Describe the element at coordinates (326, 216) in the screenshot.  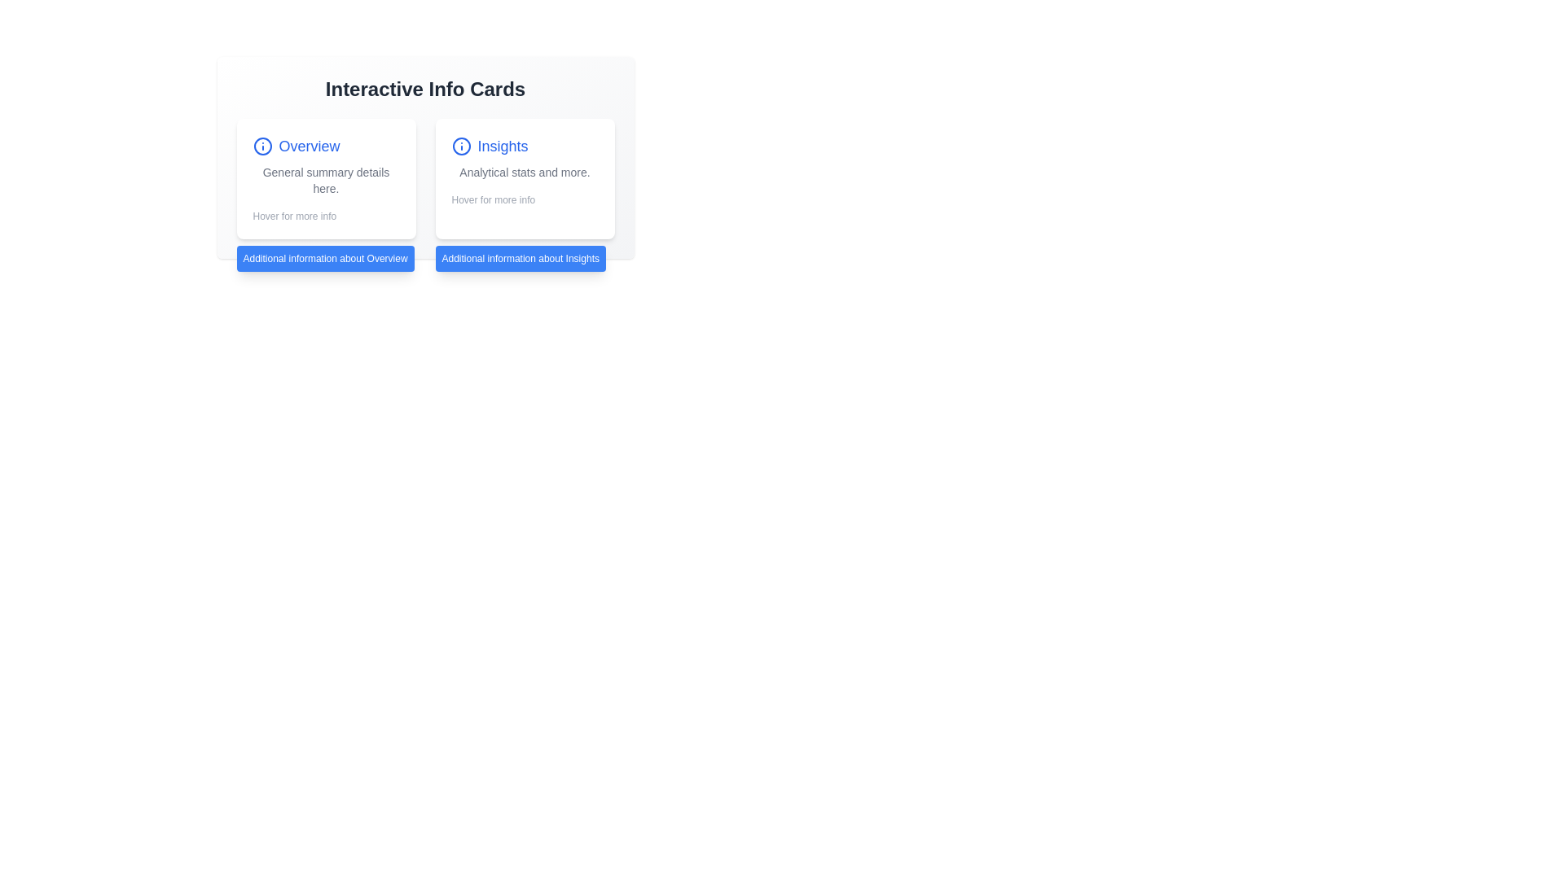
I see `the instruction text located within the 'Overview' card, which provides hints to the user about additional information being displayed` at that location.